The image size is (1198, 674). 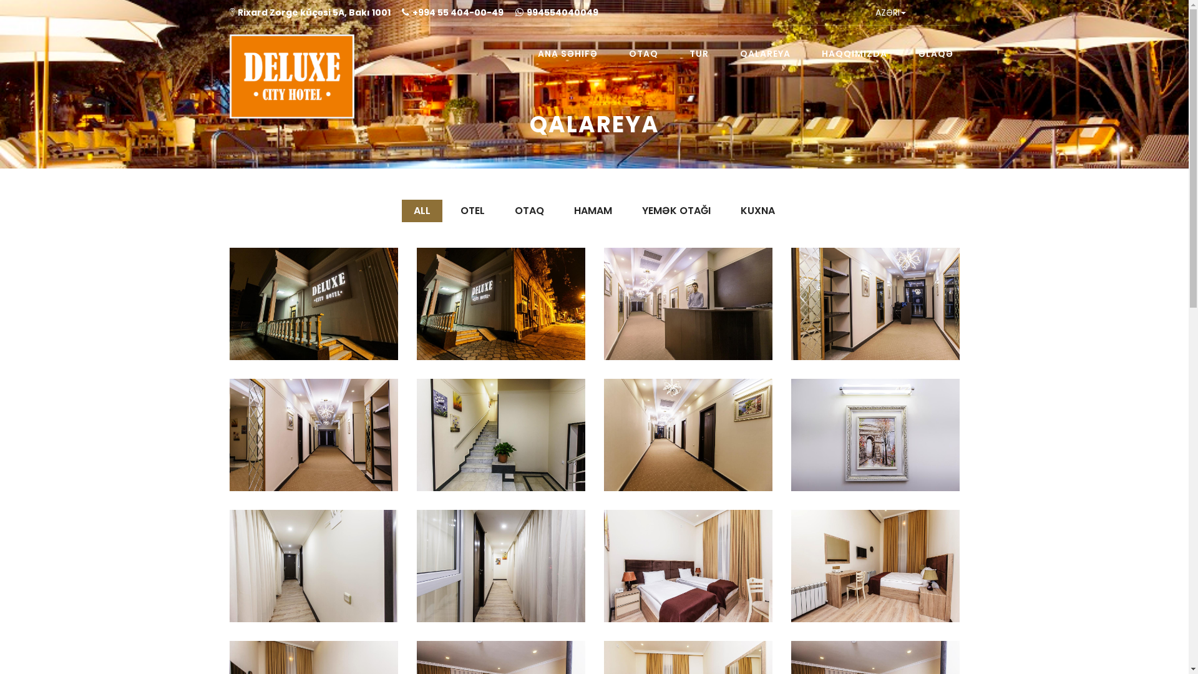 I want to click on 'Otel', so click(x=314, y=434).